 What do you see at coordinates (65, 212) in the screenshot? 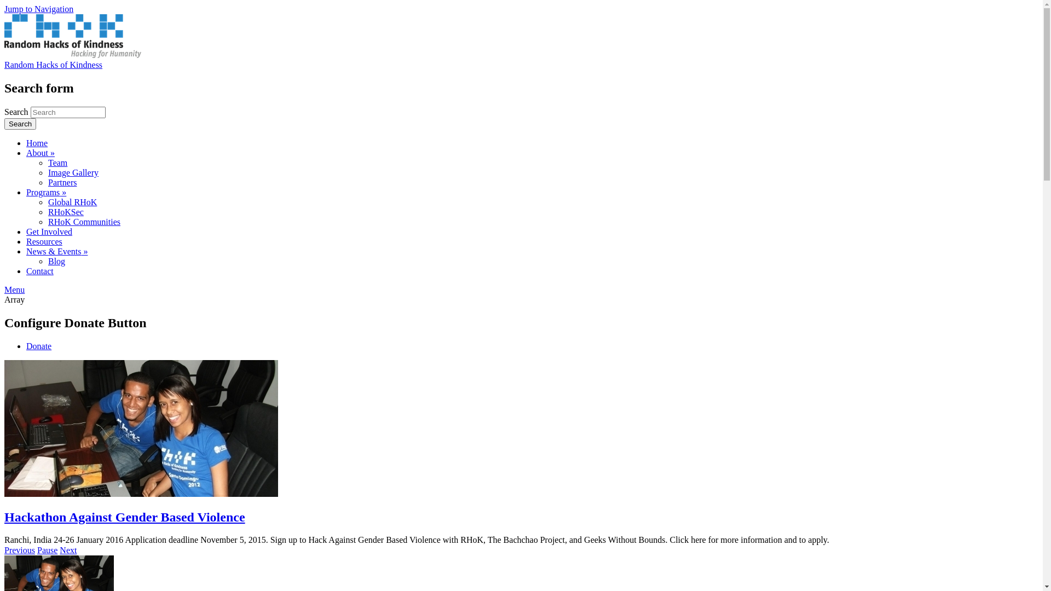
I see `'RHoKSec'` at bounding box center [65, 212].